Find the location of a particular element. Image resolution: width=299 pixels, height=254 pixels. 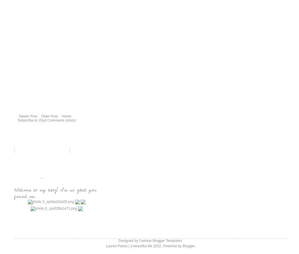

'Designed by Fashion' is located at coordinates (135, 240).